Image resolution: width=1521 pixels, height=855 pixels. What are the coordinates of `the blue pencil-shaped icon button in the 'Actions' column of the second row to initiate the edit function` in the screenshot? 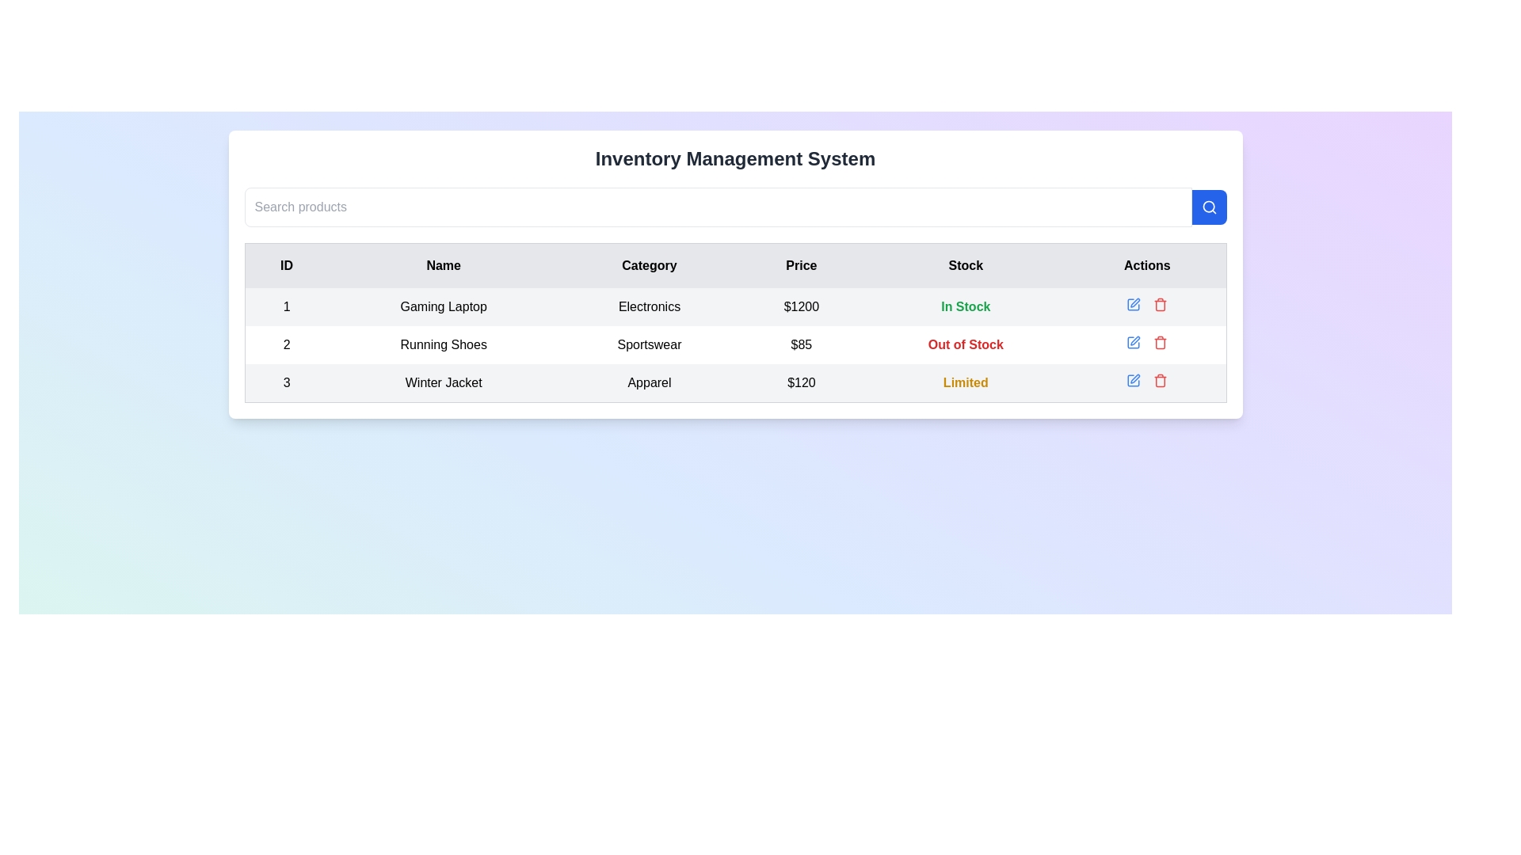 It's located at (1132, 341).